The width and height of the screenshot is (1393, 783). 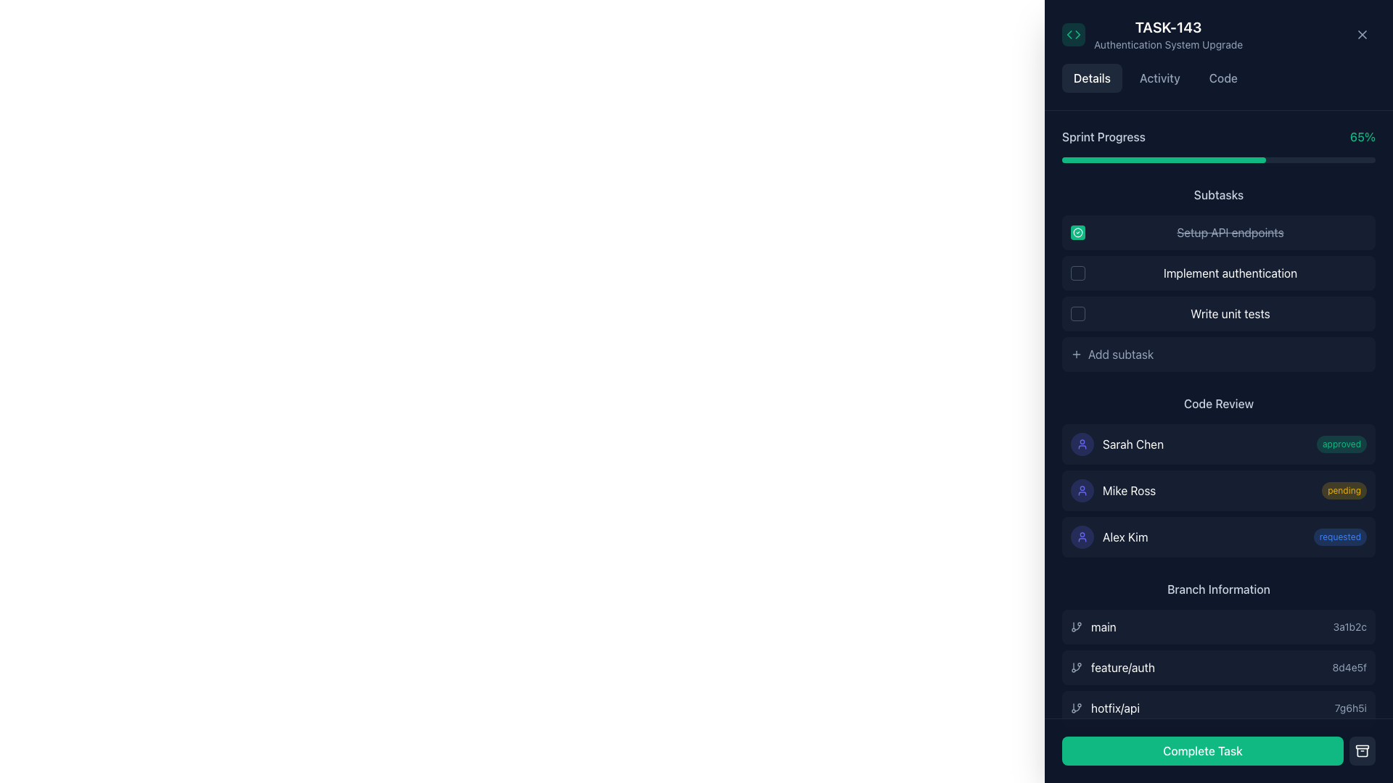 What do you see at coordinates (1229, 231) in the screenshot?
I see `text of the text label displaying 'Setup API endpoints' styled in a strikethrough font located in the right sidebar under the 'Subtasks' section` at bounding box center [1229, 231].